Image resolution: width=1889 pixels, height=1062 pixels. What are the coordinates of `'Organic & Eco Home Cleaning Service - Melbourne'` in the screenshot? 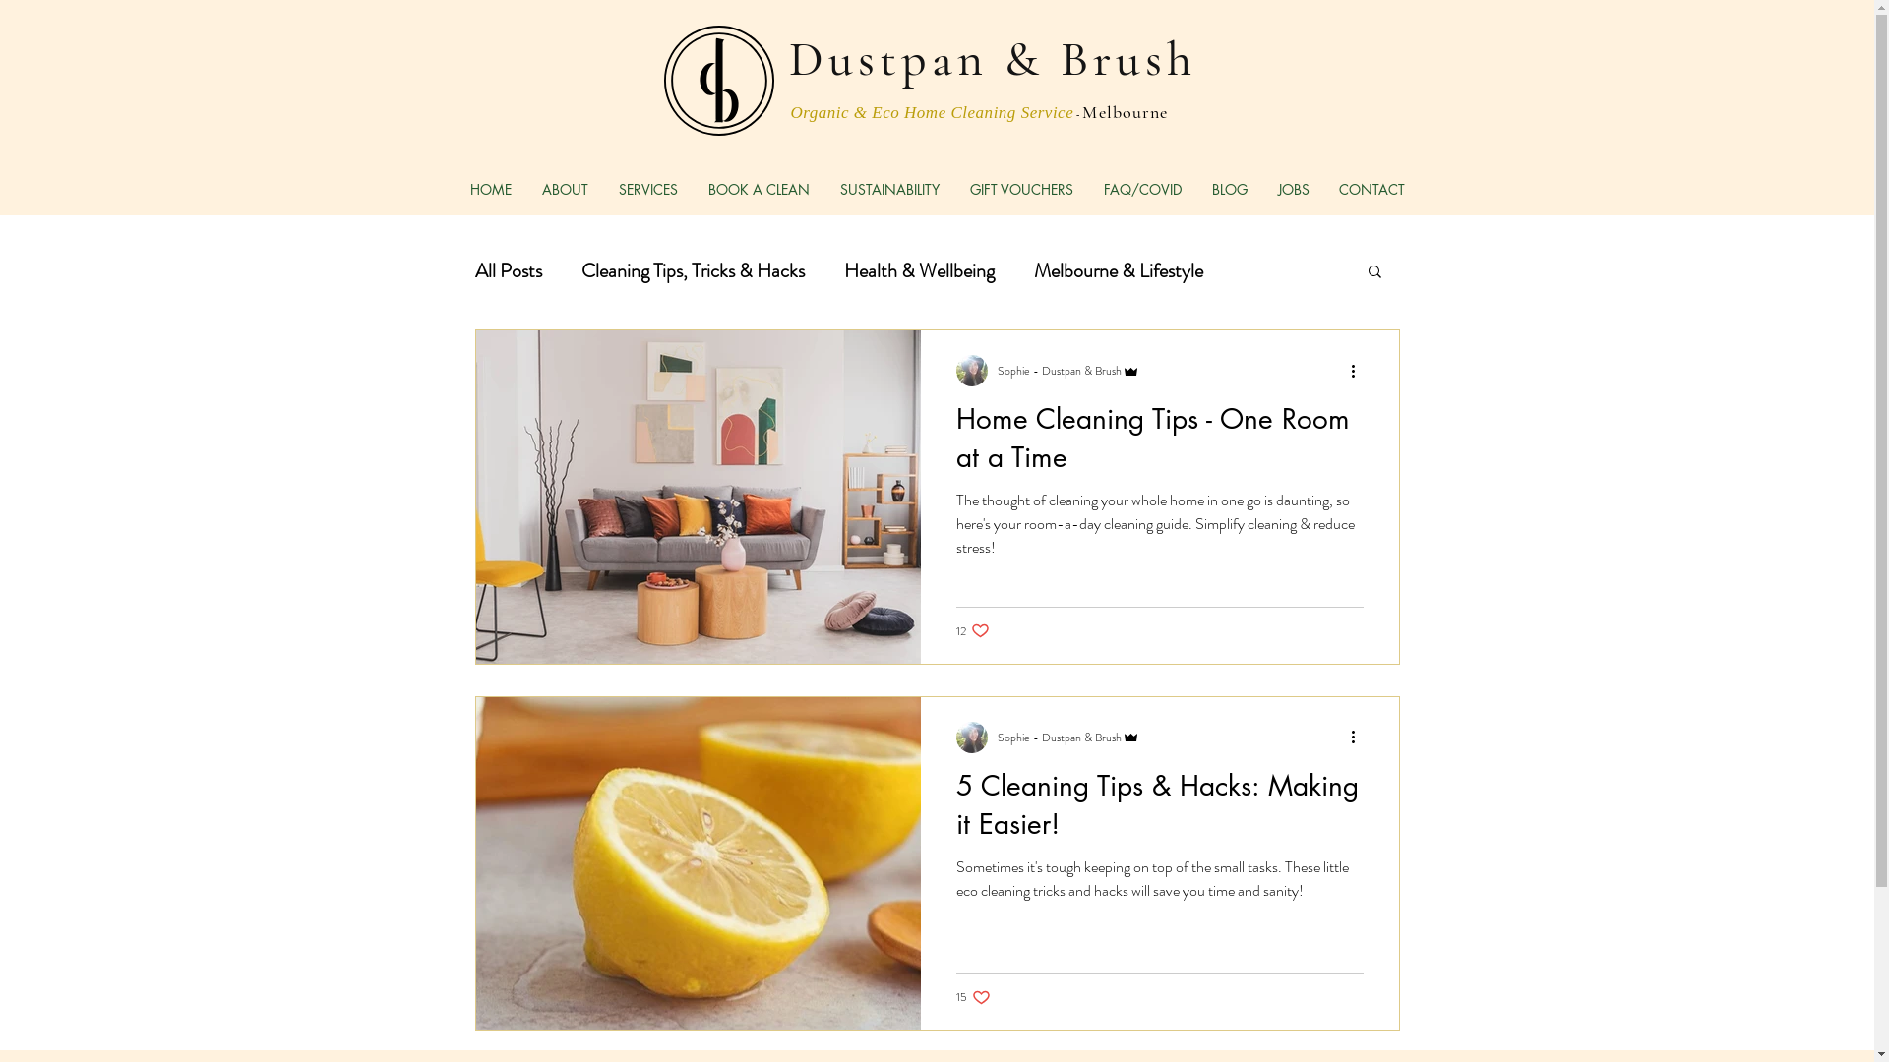 It's located at (980, 110).